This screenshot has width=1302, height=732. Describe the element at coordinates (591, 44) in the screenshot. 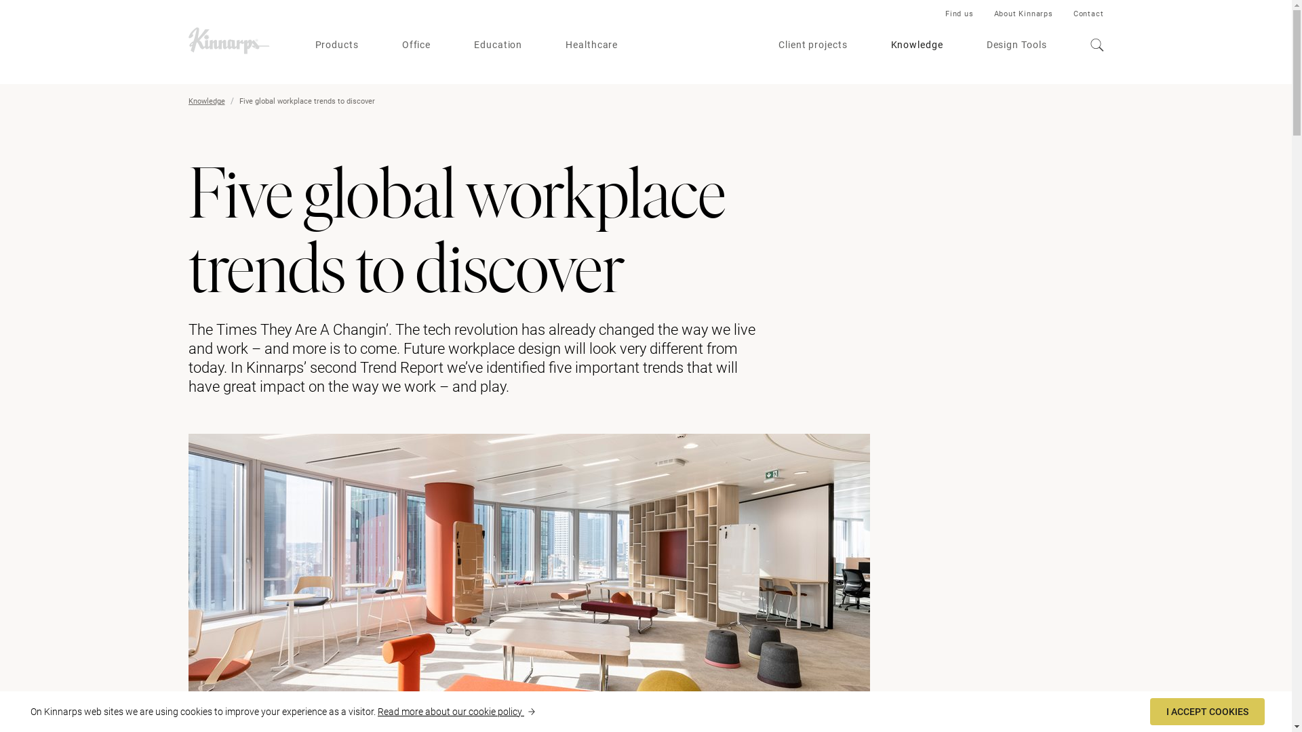

I see `'Healthcare'` at that location.